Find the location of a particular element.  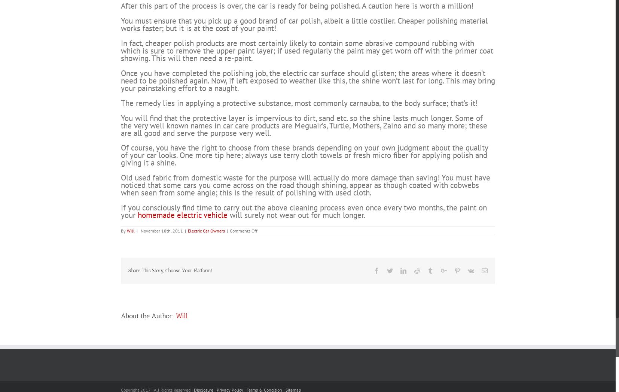

'If you consciously find time to carry out the above cleaning process even once every two months, the paint on your' is located at coordinates (120, 238).